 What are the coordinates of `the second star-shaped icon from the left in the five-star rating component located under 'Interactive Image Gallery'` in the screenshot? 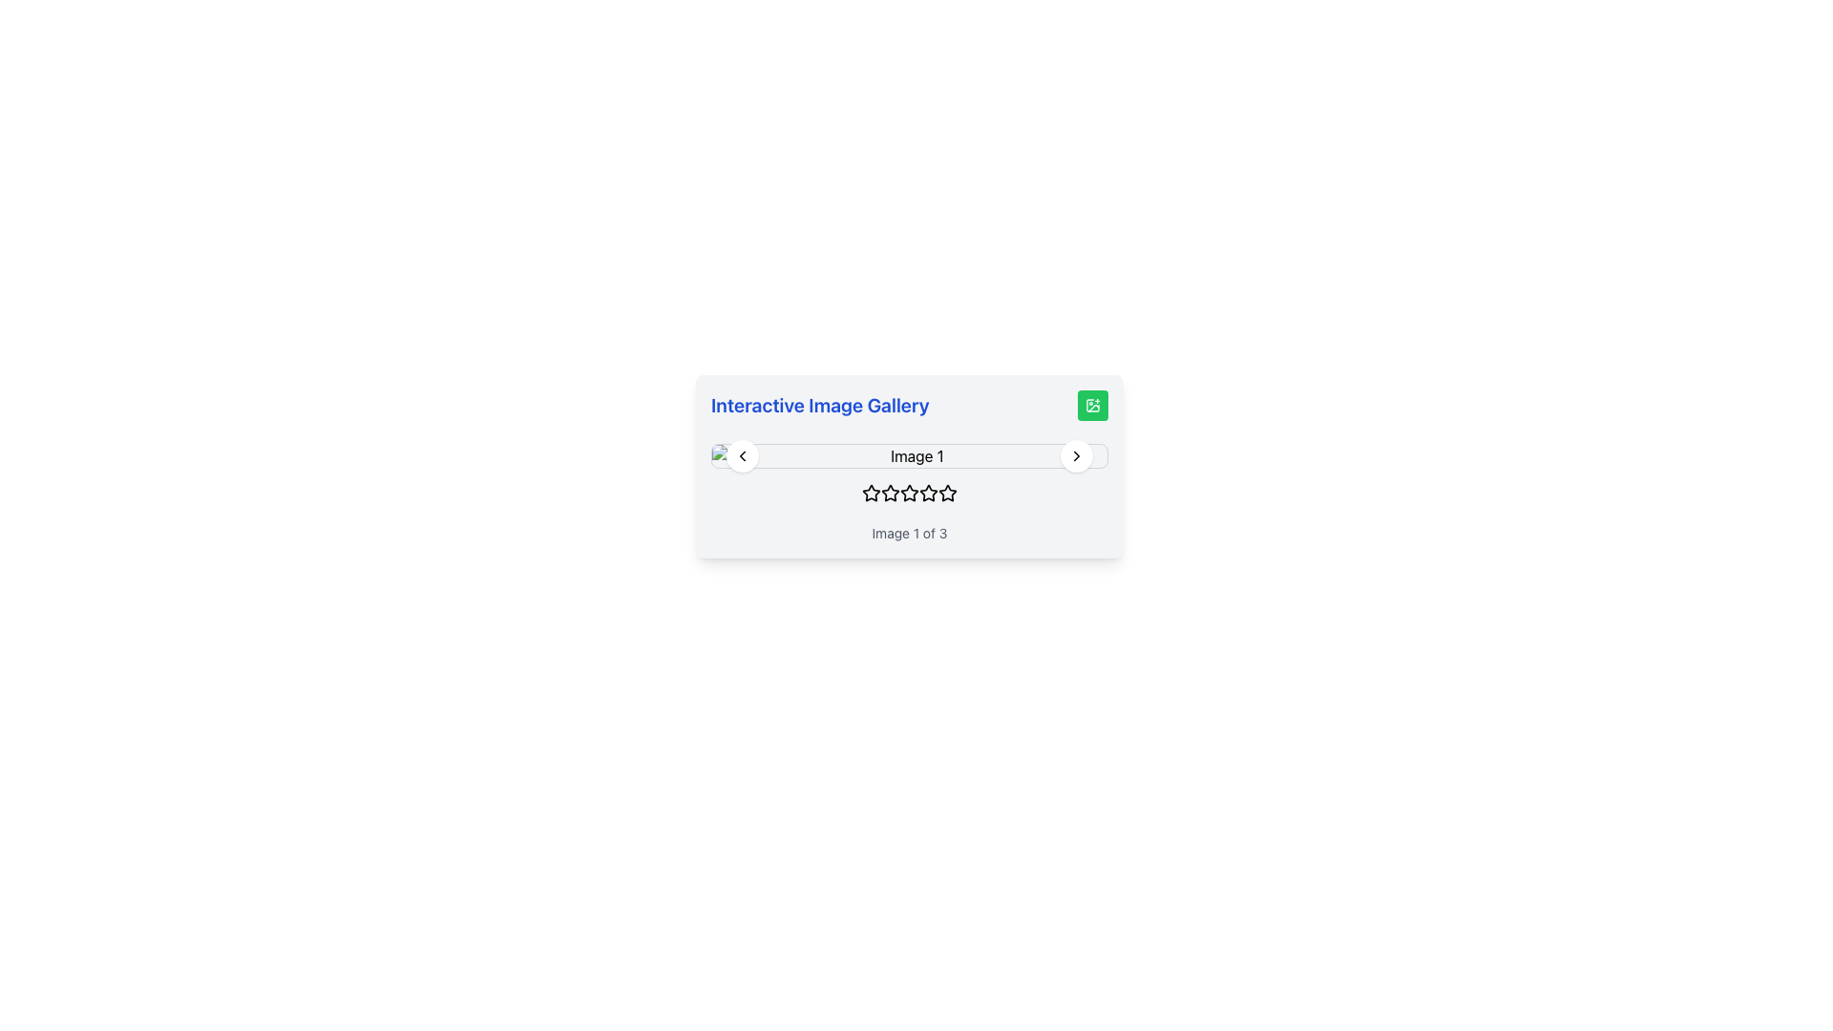 It's located at (889, 492).